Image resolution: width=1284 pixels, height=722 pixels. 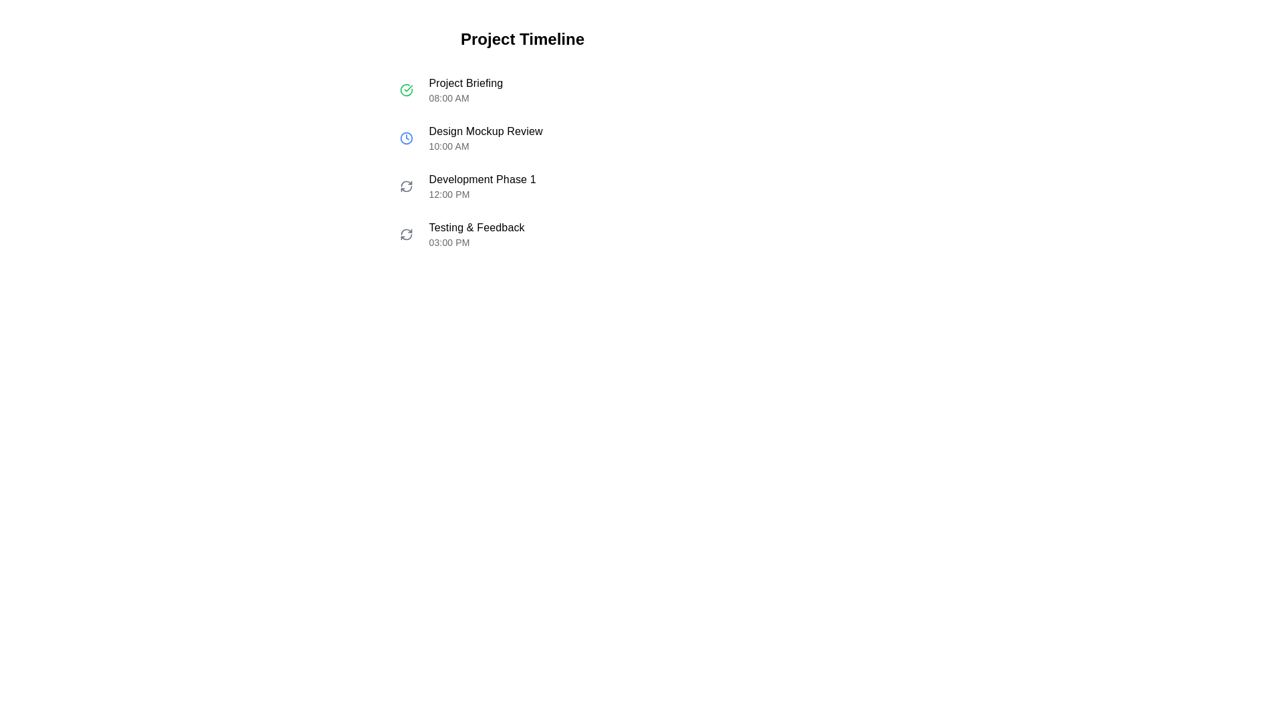 What do you see at coordinates (405, 187) in the screenshot?
I see `the circular icon button featuring a clockwise refresh arrow design located to the left of the 'Development Phase 1' text` at bounding box center [405, 187].